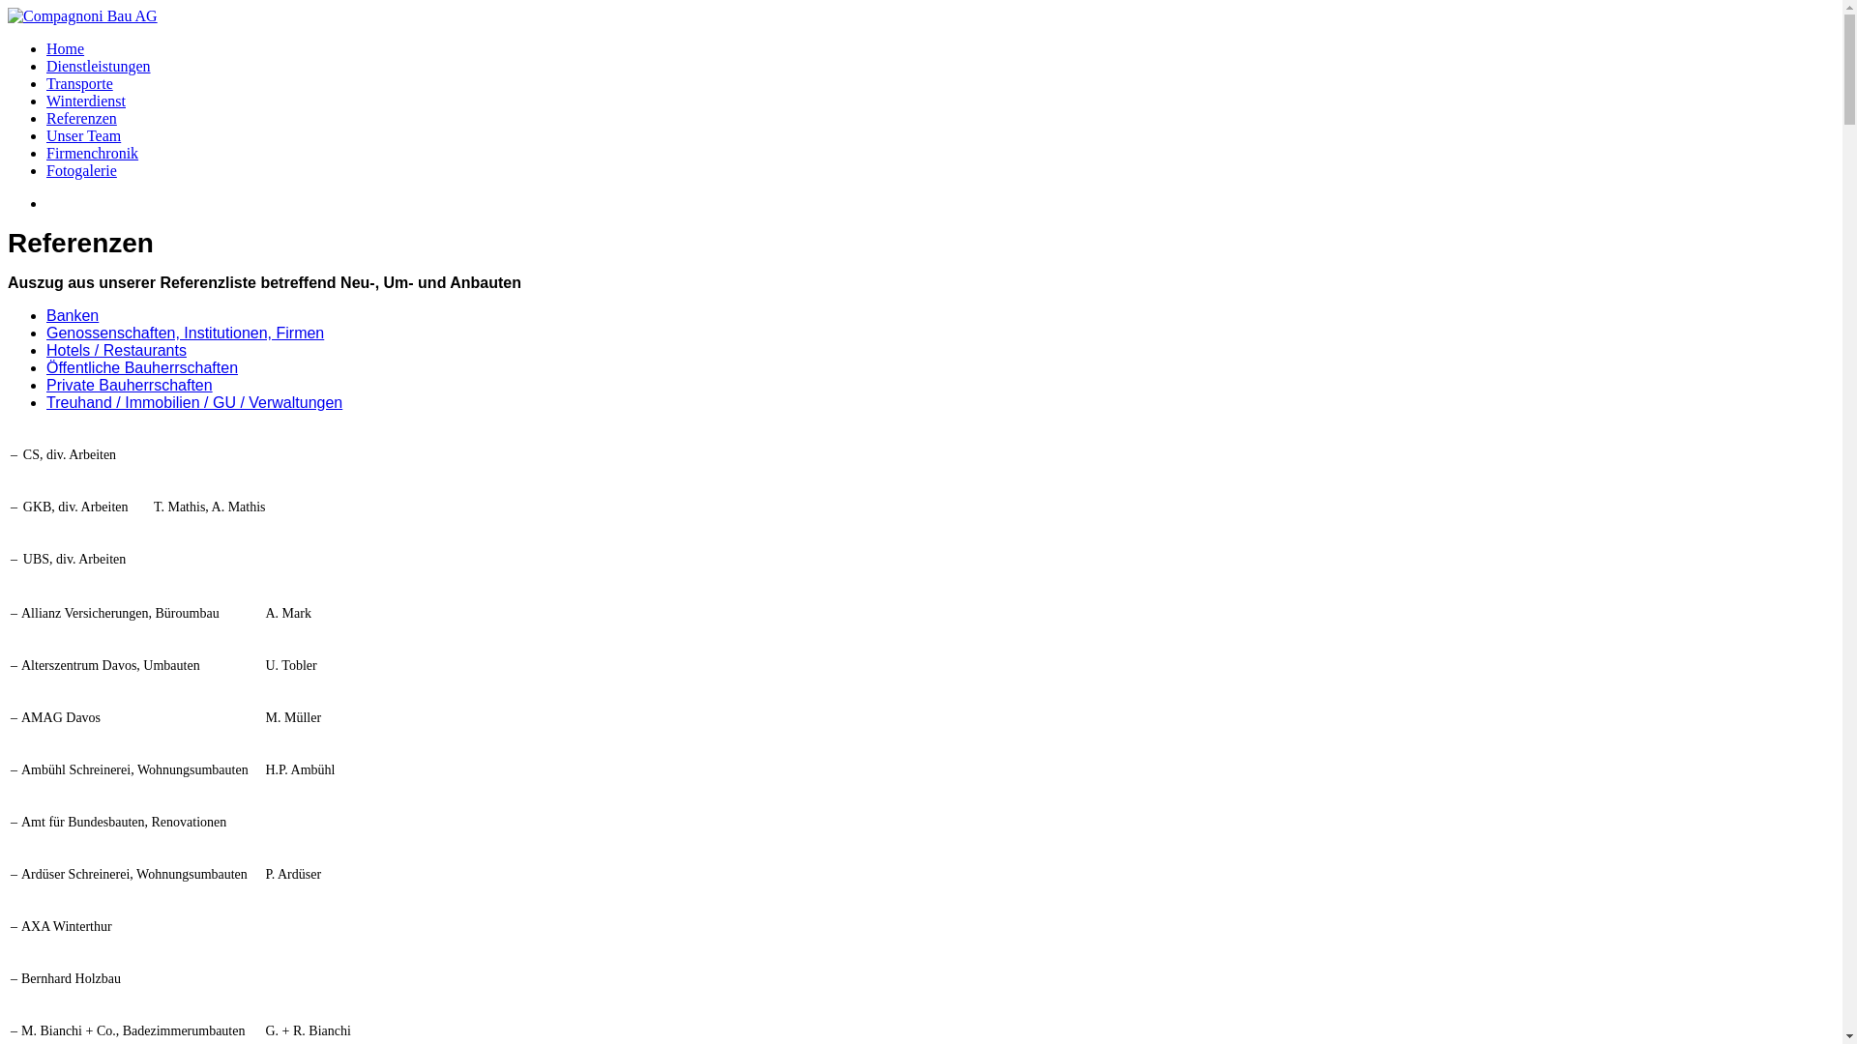 The height and width of the screenshot is (1044, 1857). What do you see at coordinates (65, 47) in the screenshot?
I see `'Home'` at bounding box center [65, 47].